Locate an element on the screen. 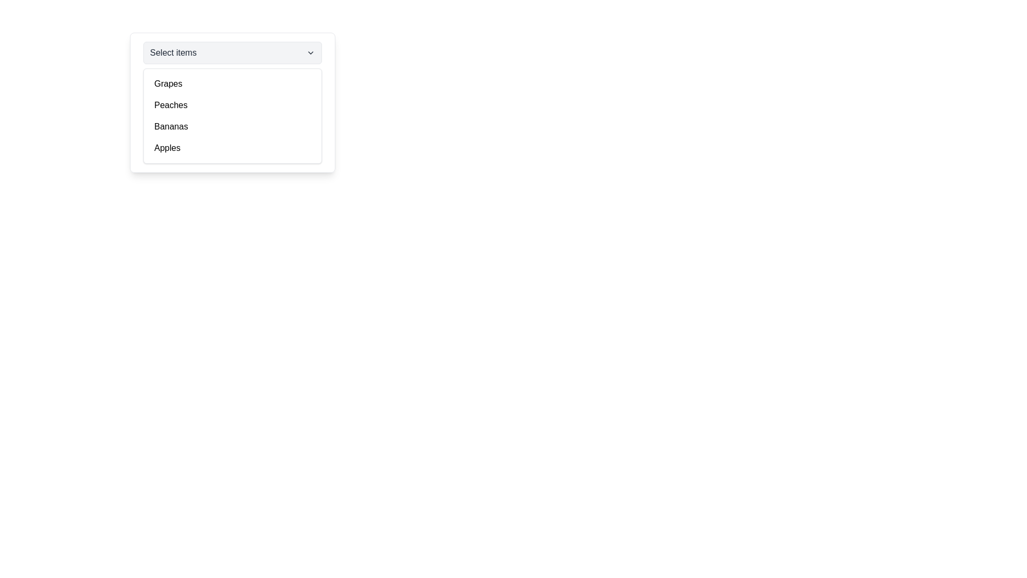 The width and height of the screenshot is (1027, 578). to select the 'Apples' option from the dropdown menu, which is the fourth item in the list below 'Grapes', 'Peaches', and 'Bananas' is located at coordinates (232, 148).